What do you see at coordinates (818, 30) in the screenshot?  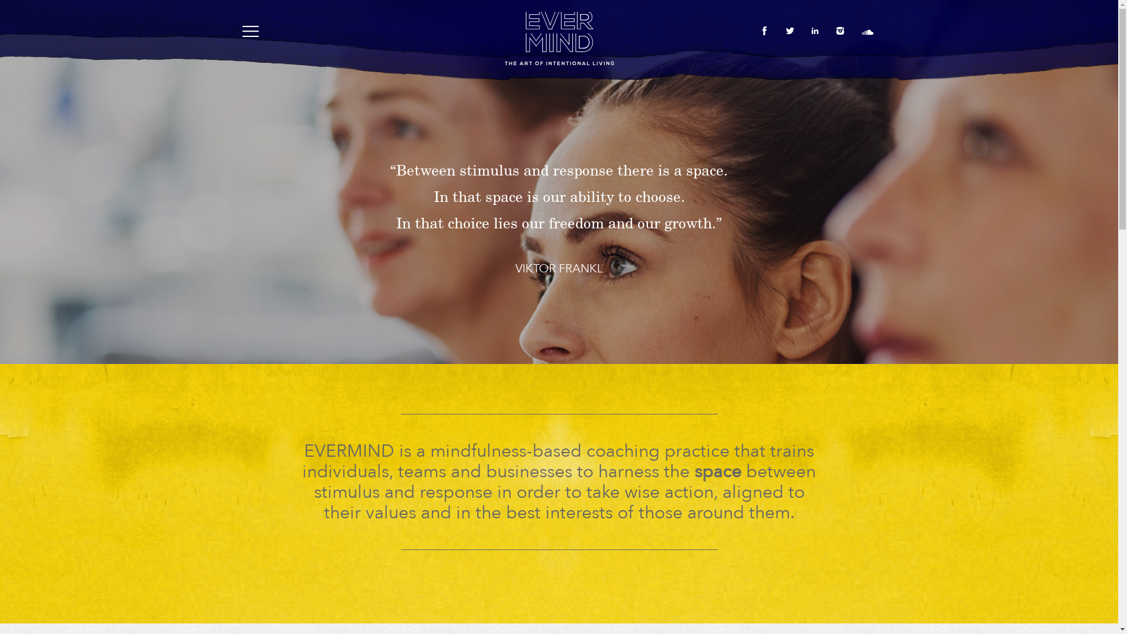 I see `'linkedin'` at bounding box center [818, 30].